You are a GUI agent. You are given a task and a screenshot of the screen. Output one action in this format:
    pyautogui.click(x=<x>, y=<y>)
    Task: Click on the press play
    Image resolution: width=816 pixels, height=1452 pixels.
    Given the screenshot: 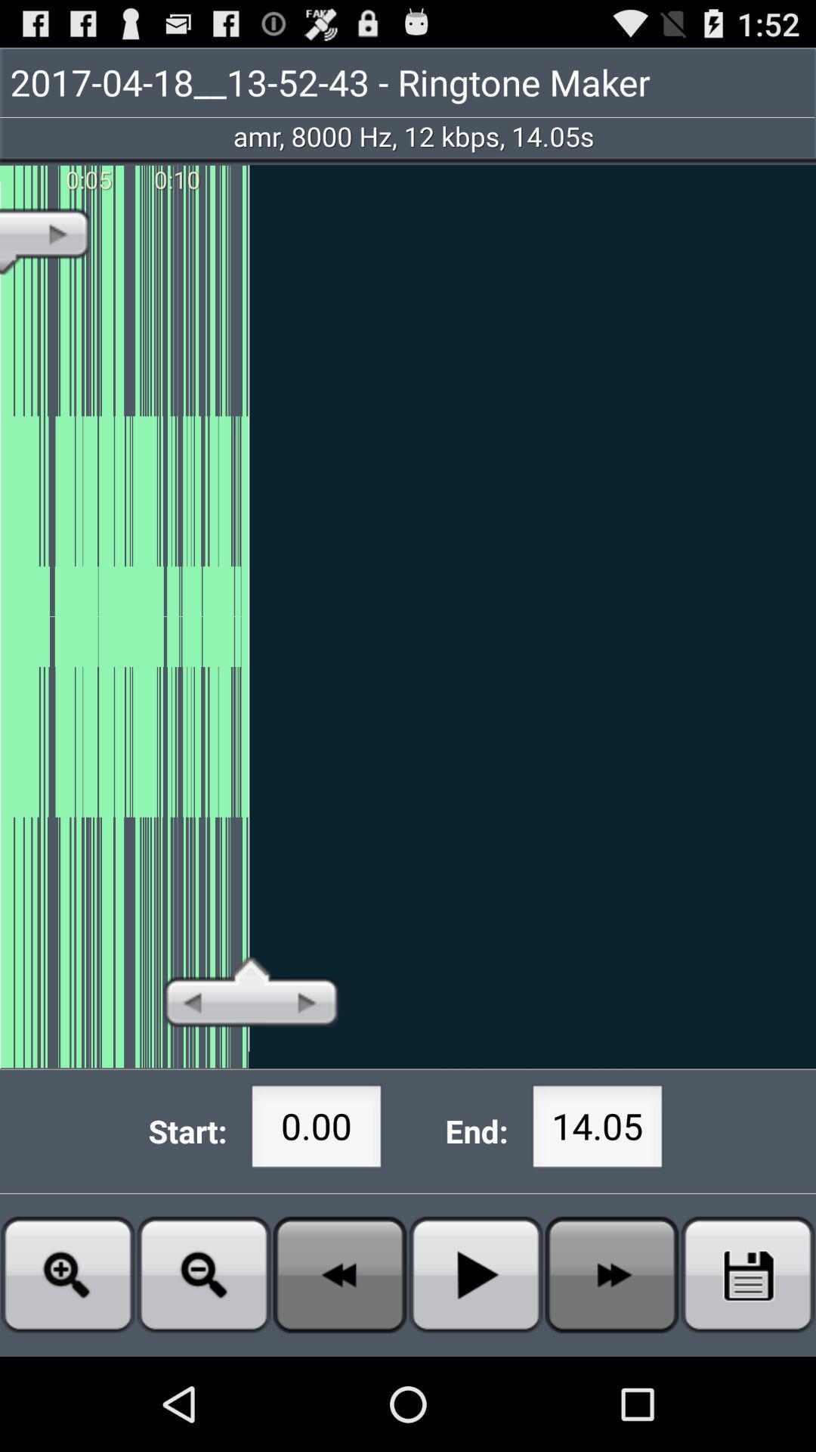 What is the action you would take?
    pyautogui.click(x=474, y=1274)
    